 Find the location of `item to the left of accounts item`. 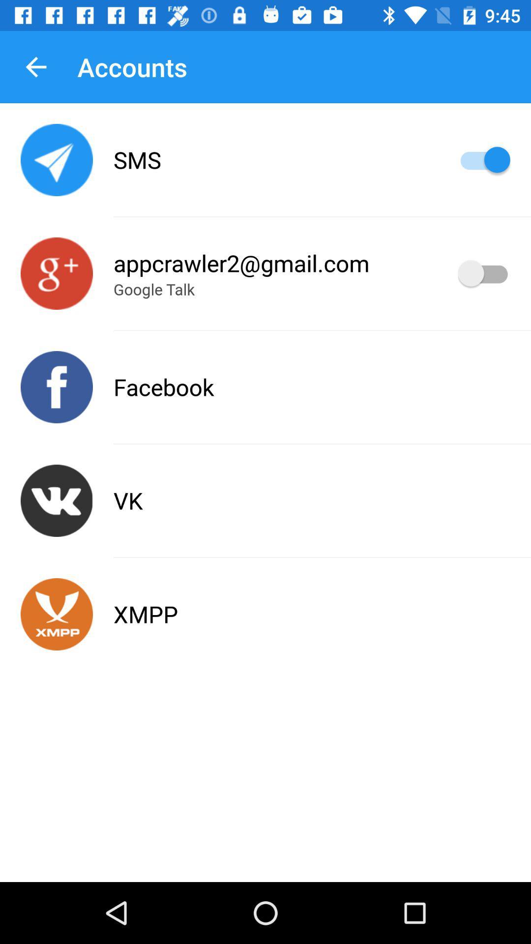

item to the left of accounts item is located at coordinates (35, 66).